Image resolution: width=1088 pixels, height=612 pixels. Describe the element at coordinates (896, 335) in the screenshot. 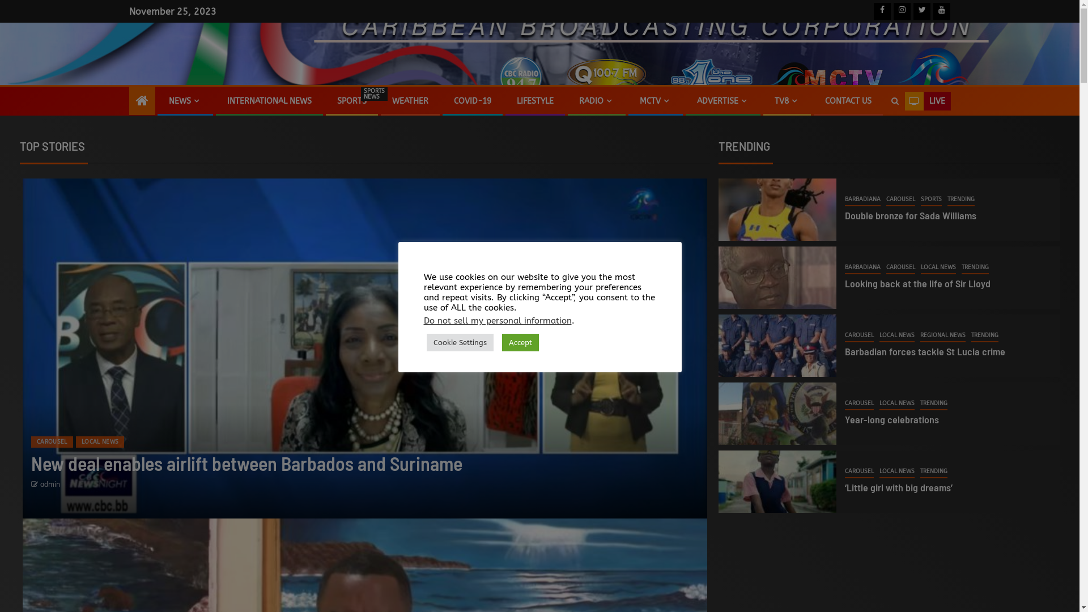

I see `'LOCAL NEWS'` at that location.